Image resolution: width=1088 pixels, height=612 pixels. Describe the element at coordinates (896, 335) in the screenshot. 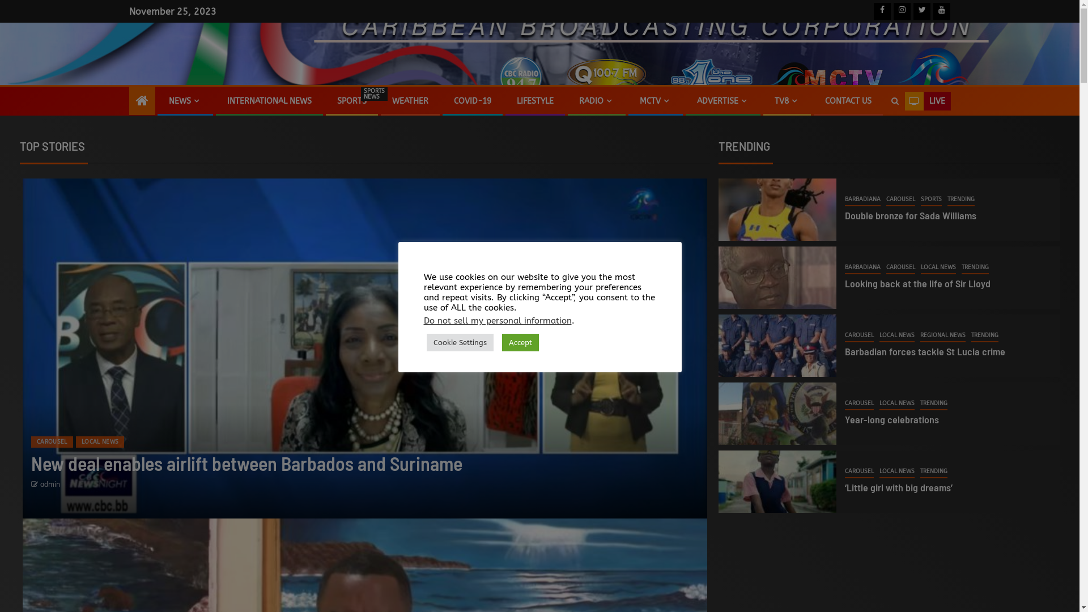

I see `'LOCAL NEWS'` at that location.